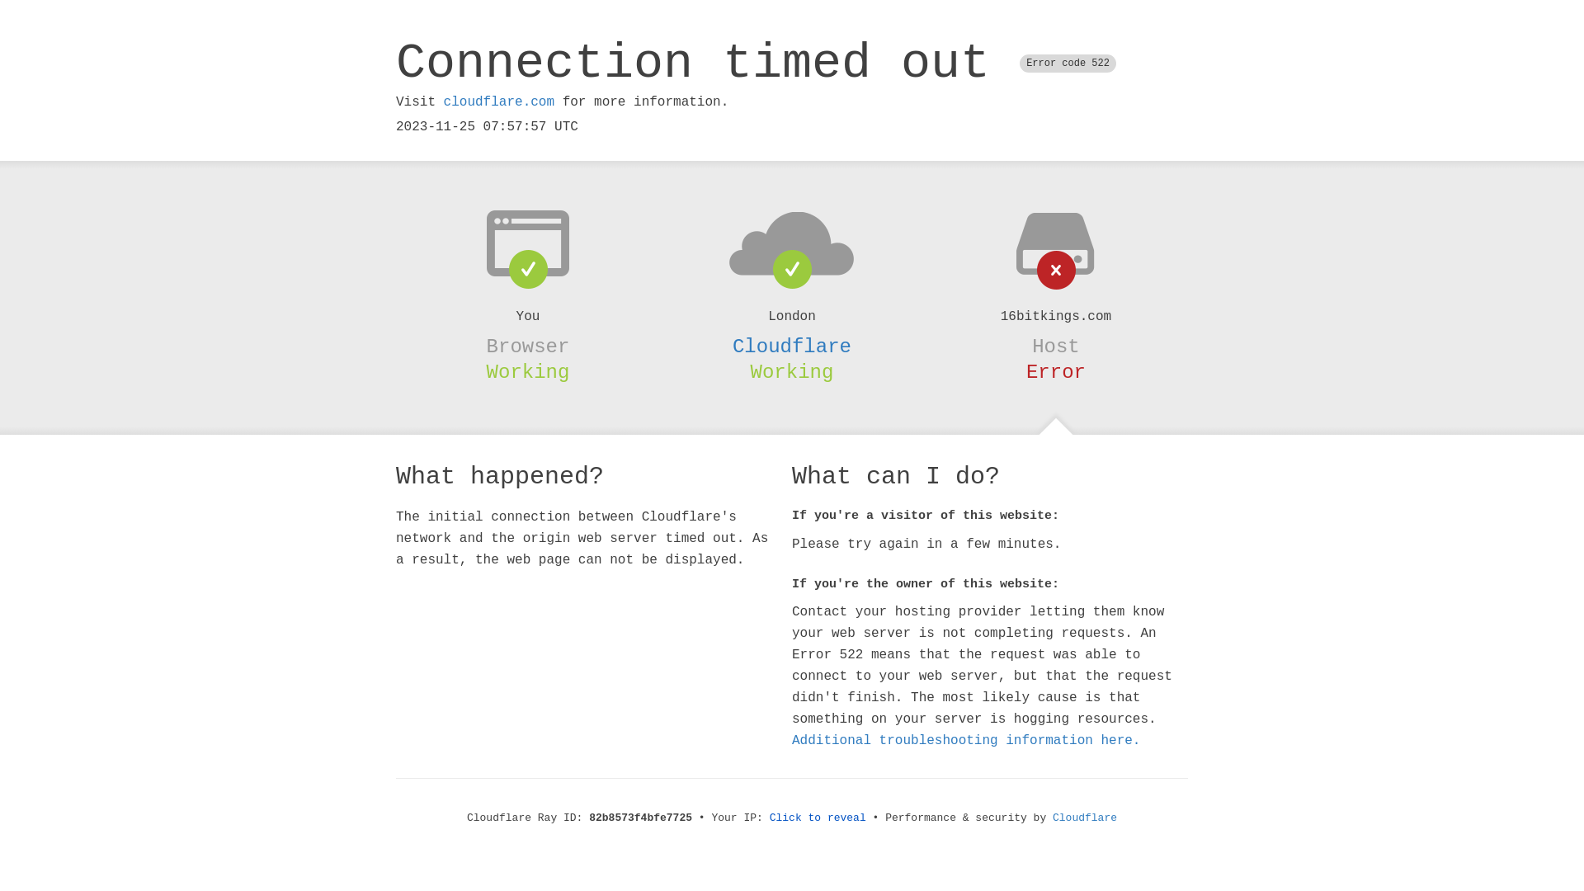  What do you see at coordinates (818, 818) in the screenshot?
I see `'Click to reveal'` at bounding box center [818, 818].